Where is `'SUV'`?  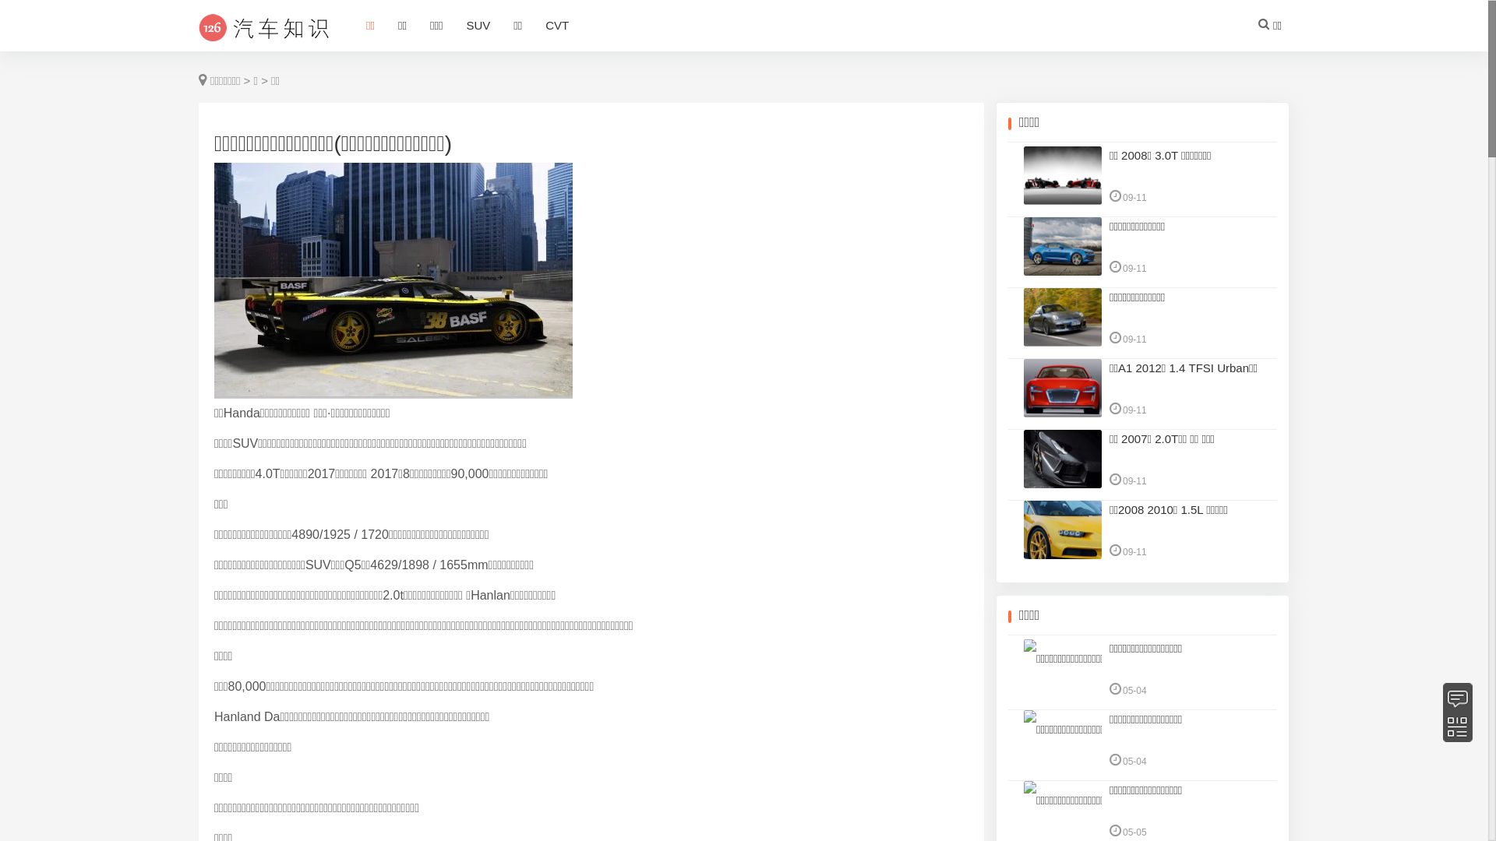
'SUV' is located at coordinates (453, 26).